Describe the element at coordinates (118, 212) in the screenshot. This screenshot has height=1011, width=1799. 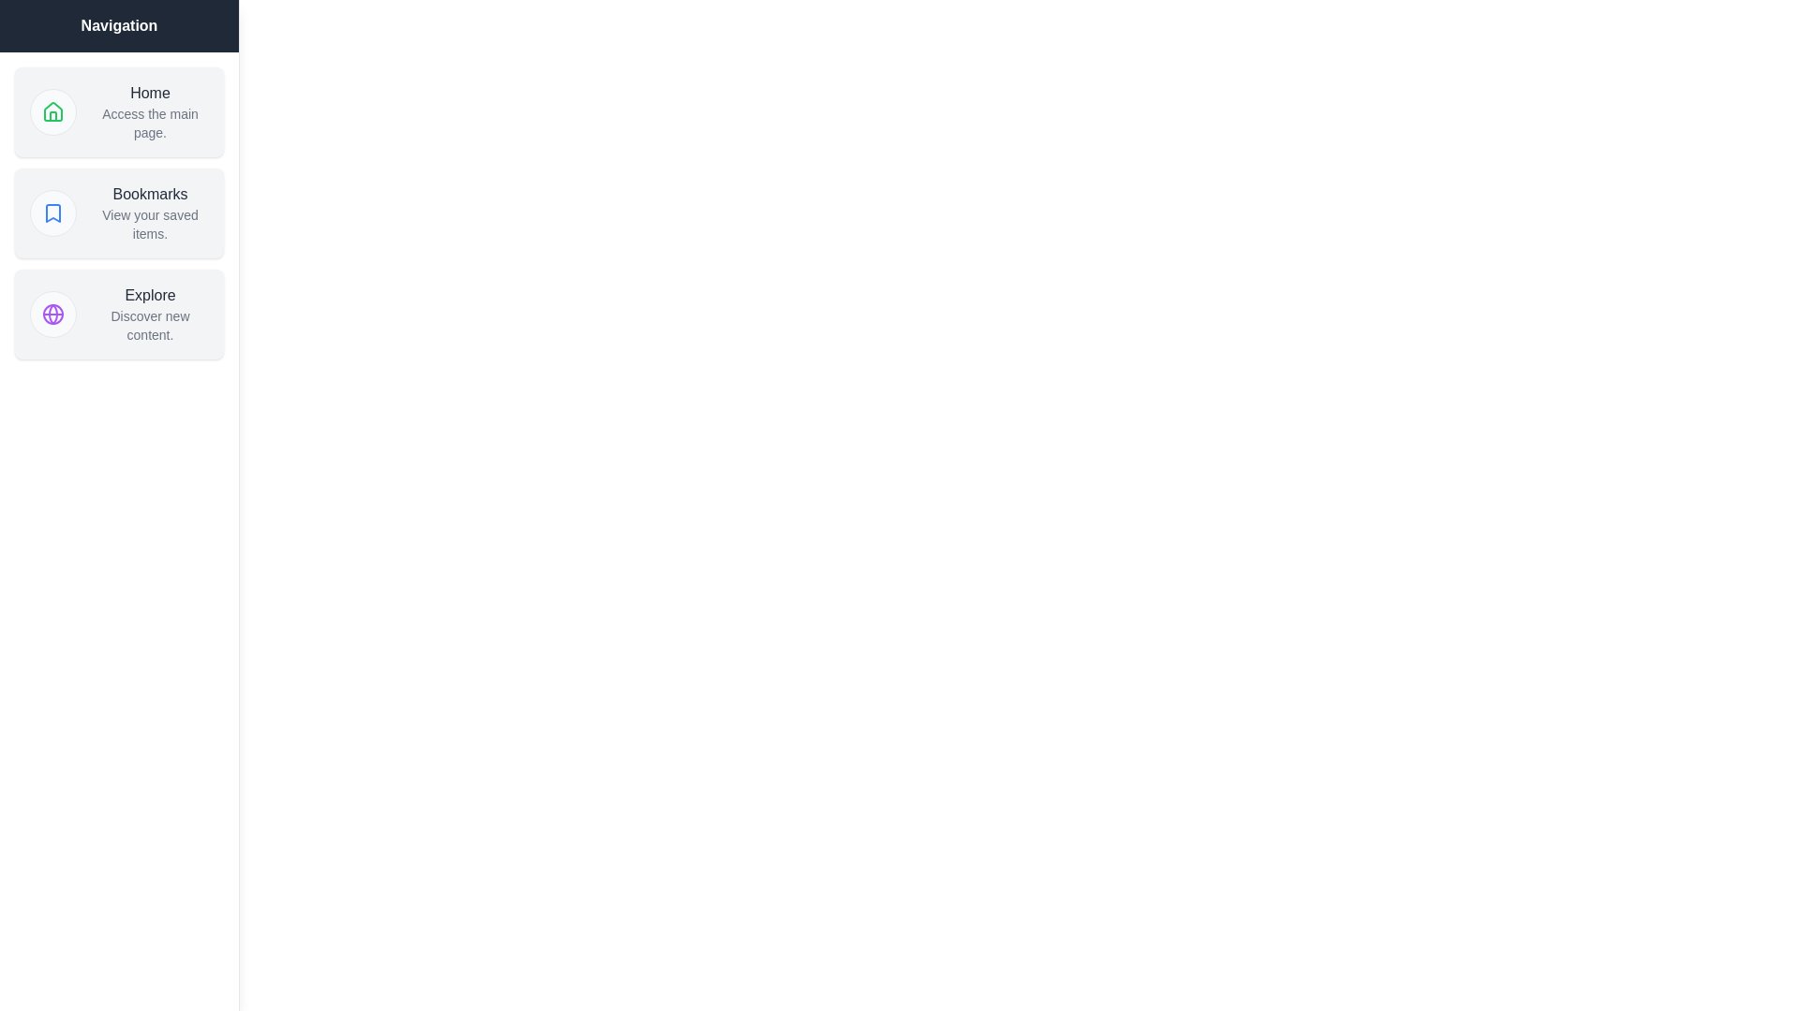
I see `the menu item Bookmarks to observe its hover effect` at that location.